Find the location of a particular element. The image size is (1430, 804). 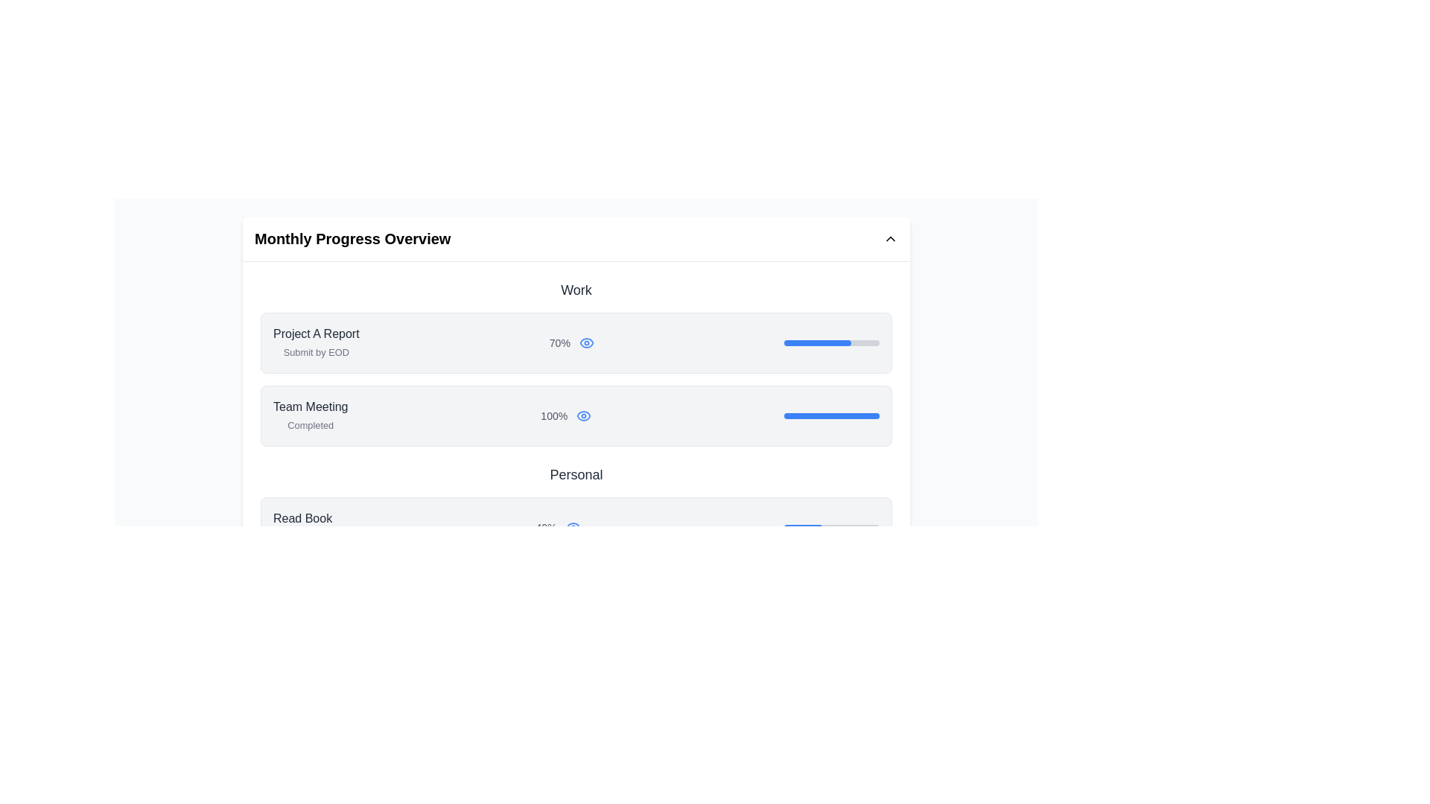

the progress visually on the progress bar indicating 40% completion located in the 'Read Book' section is located at coordinates (831, 527).